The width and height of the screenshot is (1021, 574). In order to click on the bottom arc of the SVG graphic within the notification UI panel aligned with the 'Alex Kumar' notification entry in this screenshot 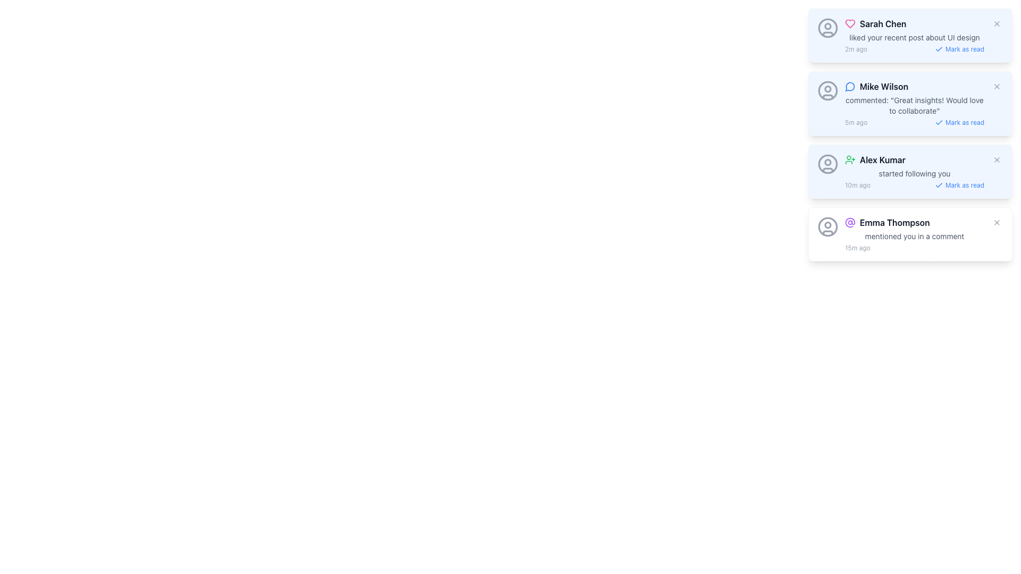, I will do `click(827, 170)`.